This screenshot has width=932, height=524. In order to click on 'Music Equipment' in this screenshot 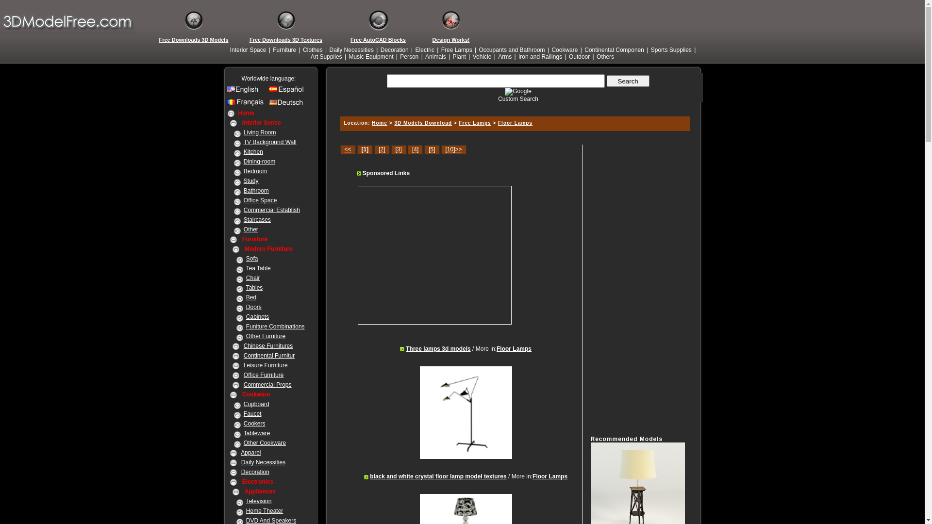, I will do `click(347, 56)`.